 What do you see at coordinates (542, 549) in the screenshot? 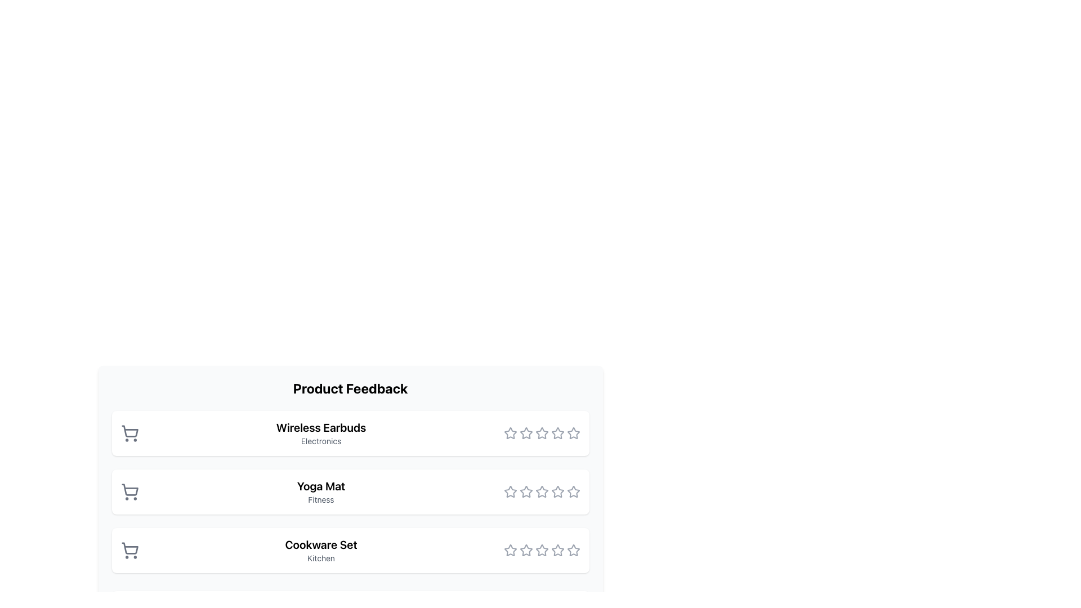
I see `the fifth star icon in the rating component for the 'Cookware Set' item` at bounding box center [542, 549].